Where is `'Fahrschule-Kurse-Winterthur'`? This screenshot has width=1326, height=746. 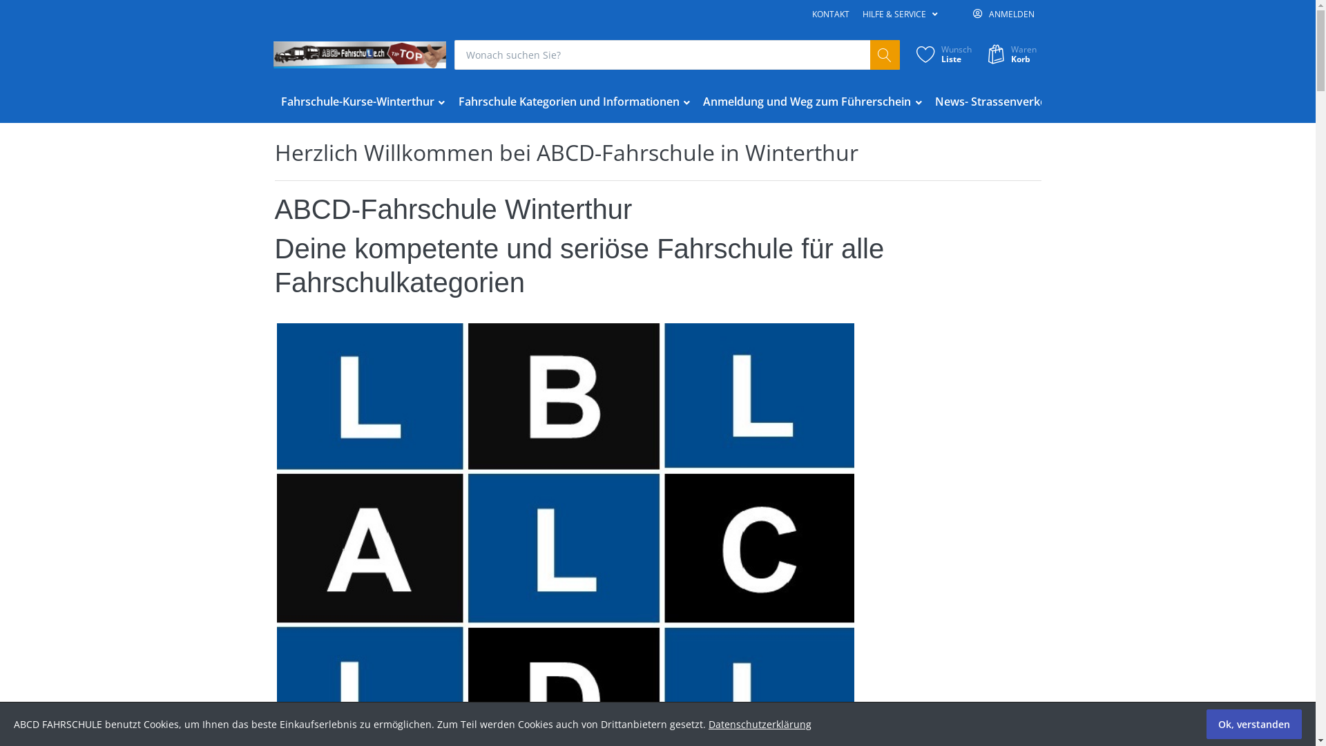
'Fahrschule-Kurse-Winterthur' is located at coordinates (363, 101).